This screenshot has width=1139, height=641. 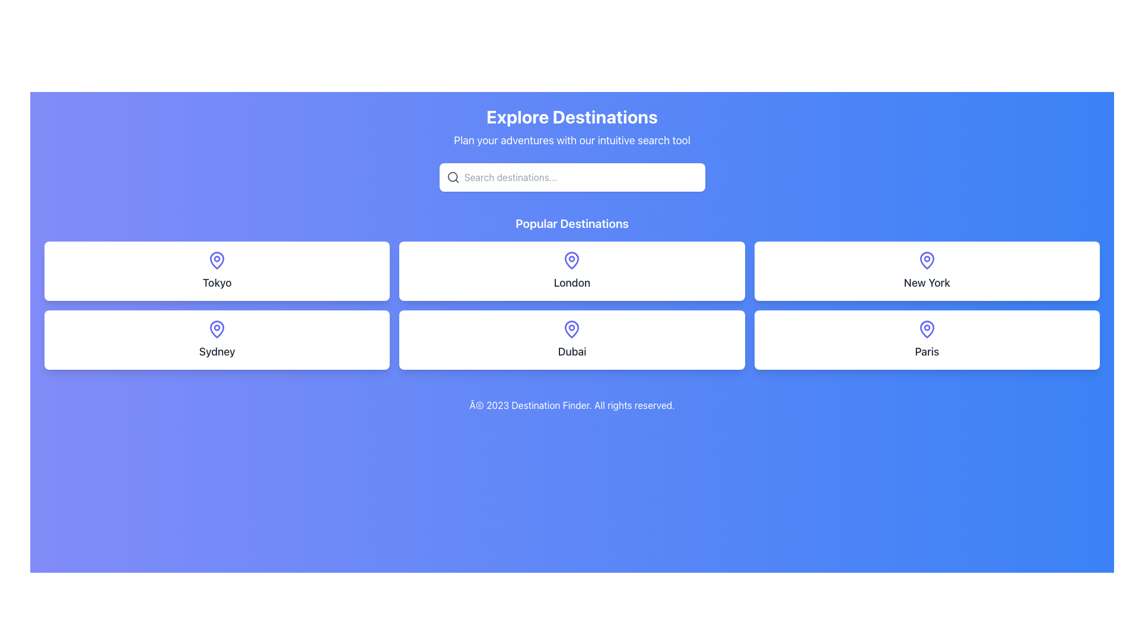 I want to click on the purple map pin icon located in the 'New York' card within the 'Popular Destinations' section, so click(x=926, y=260).